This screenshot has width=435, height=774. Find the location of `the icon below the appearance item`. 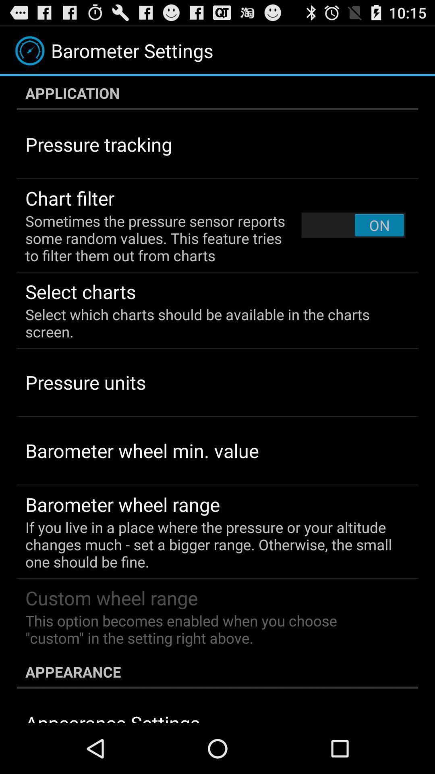

the icon below the appearance item is located at coordinates (112, 716).